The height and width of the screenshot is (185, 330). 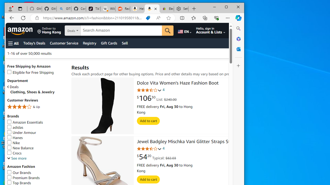 I want to click on 'Premium Brands', so click(x=23, y=177).